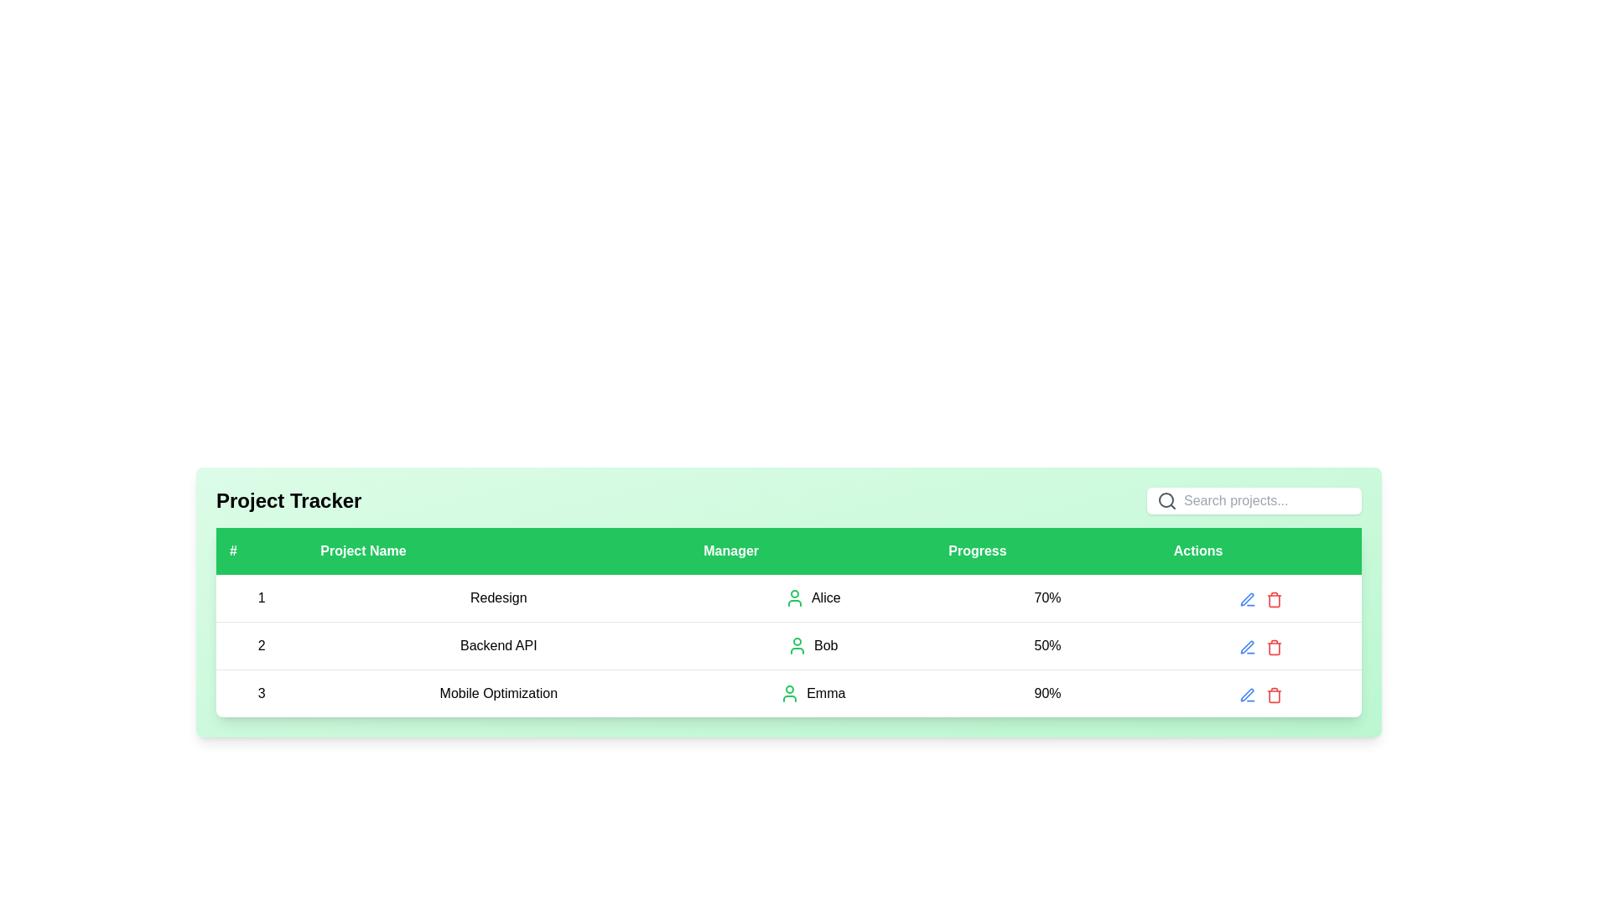  What do you see at coordinates (1260, 599) in the screenshot?
I see `the icons in the 'Actions' column of the table for the 'Redesign' project managed by 'Alice'` at bounding box center [1260, 599].